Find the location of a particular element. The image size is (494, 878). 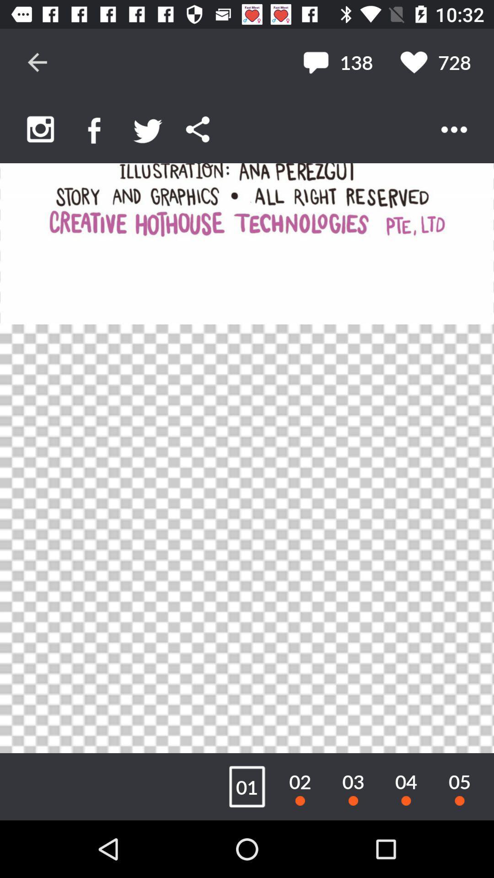

share on twitter is located at coordinates (147, 129).